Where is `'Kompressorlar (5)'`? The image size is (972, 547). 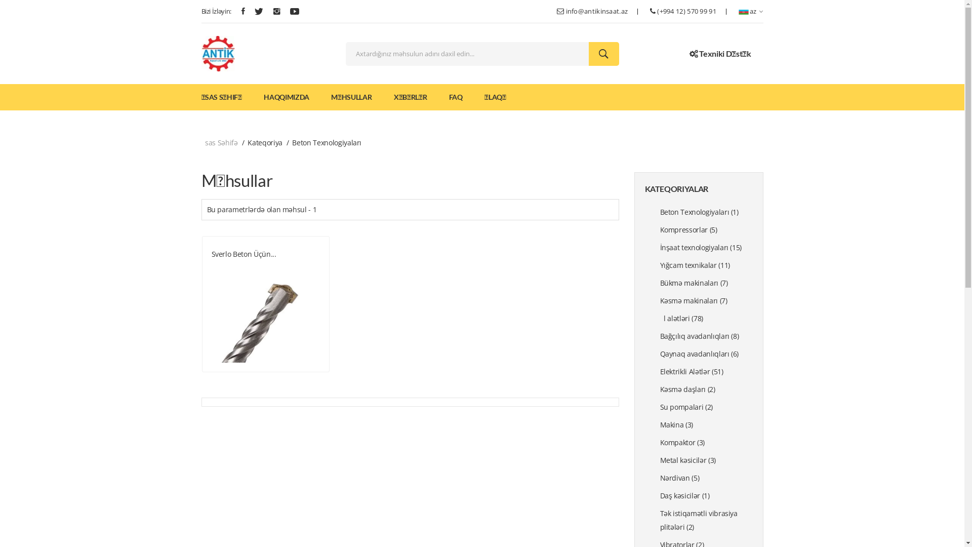
'Kompressorlar (5)' is located at coordinates (706, 229).